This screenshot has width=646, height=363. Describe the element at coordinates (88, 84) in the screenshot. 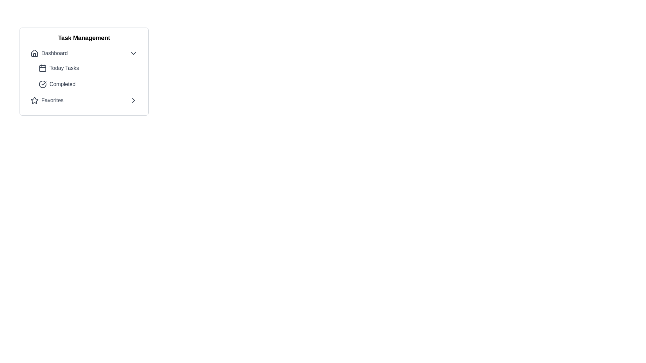

I see `the third item in the menu list under 'Task Management', which serves as a navigational link to 'Completed' tasks` at that location.